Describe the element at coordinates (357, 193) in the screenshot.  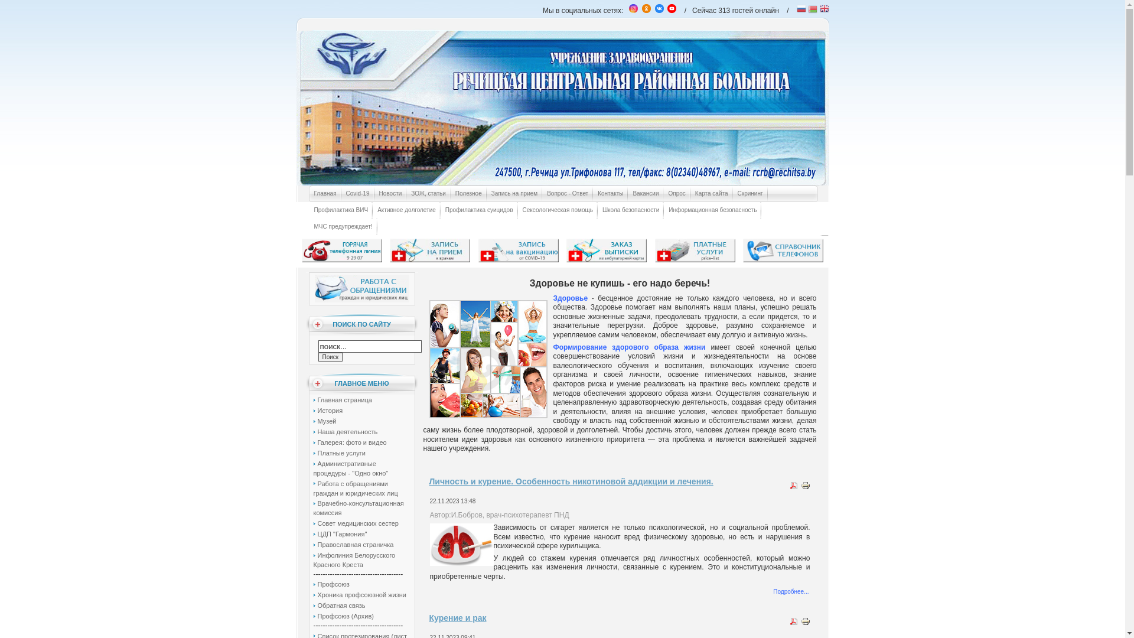
I see `'Covid-19'` at that location.